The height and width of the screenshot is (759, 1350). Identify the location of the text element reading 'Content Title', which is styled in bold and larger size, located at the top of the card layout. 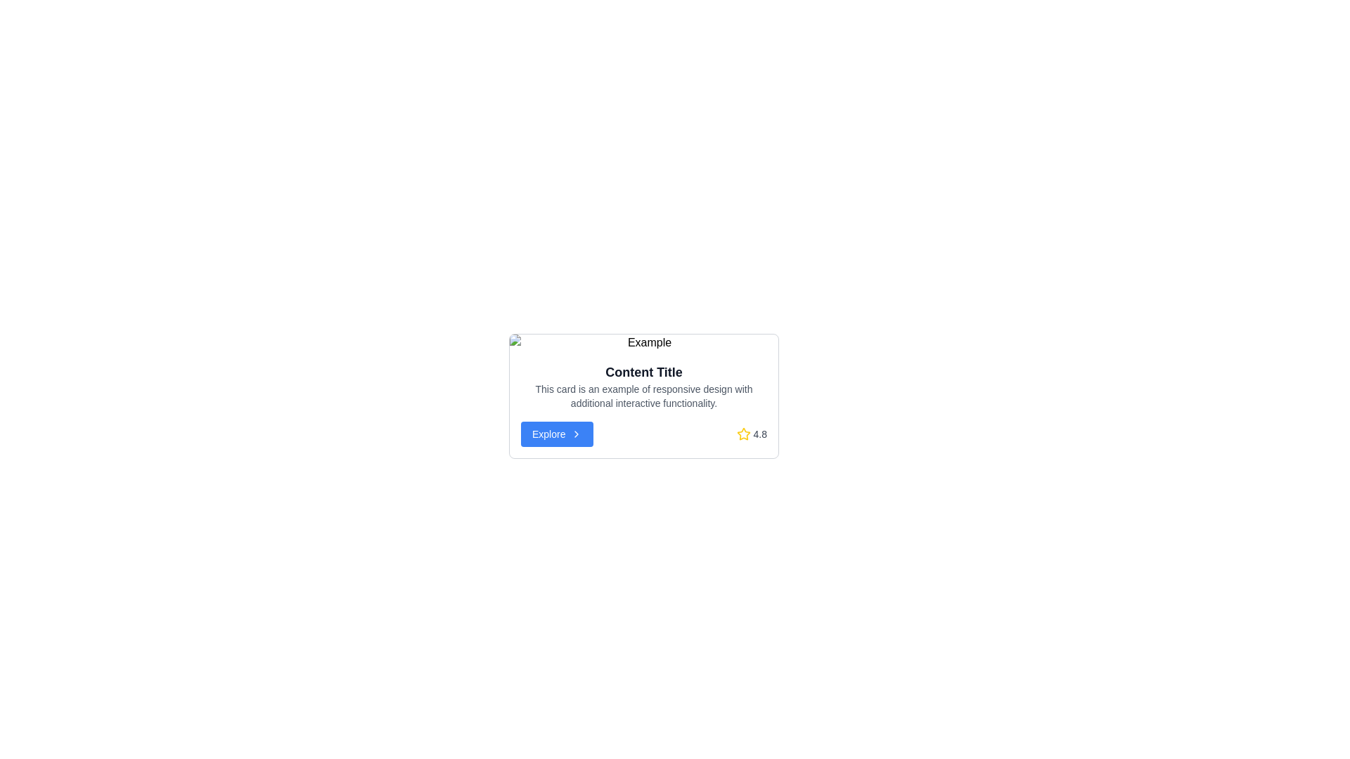
(643, 371).